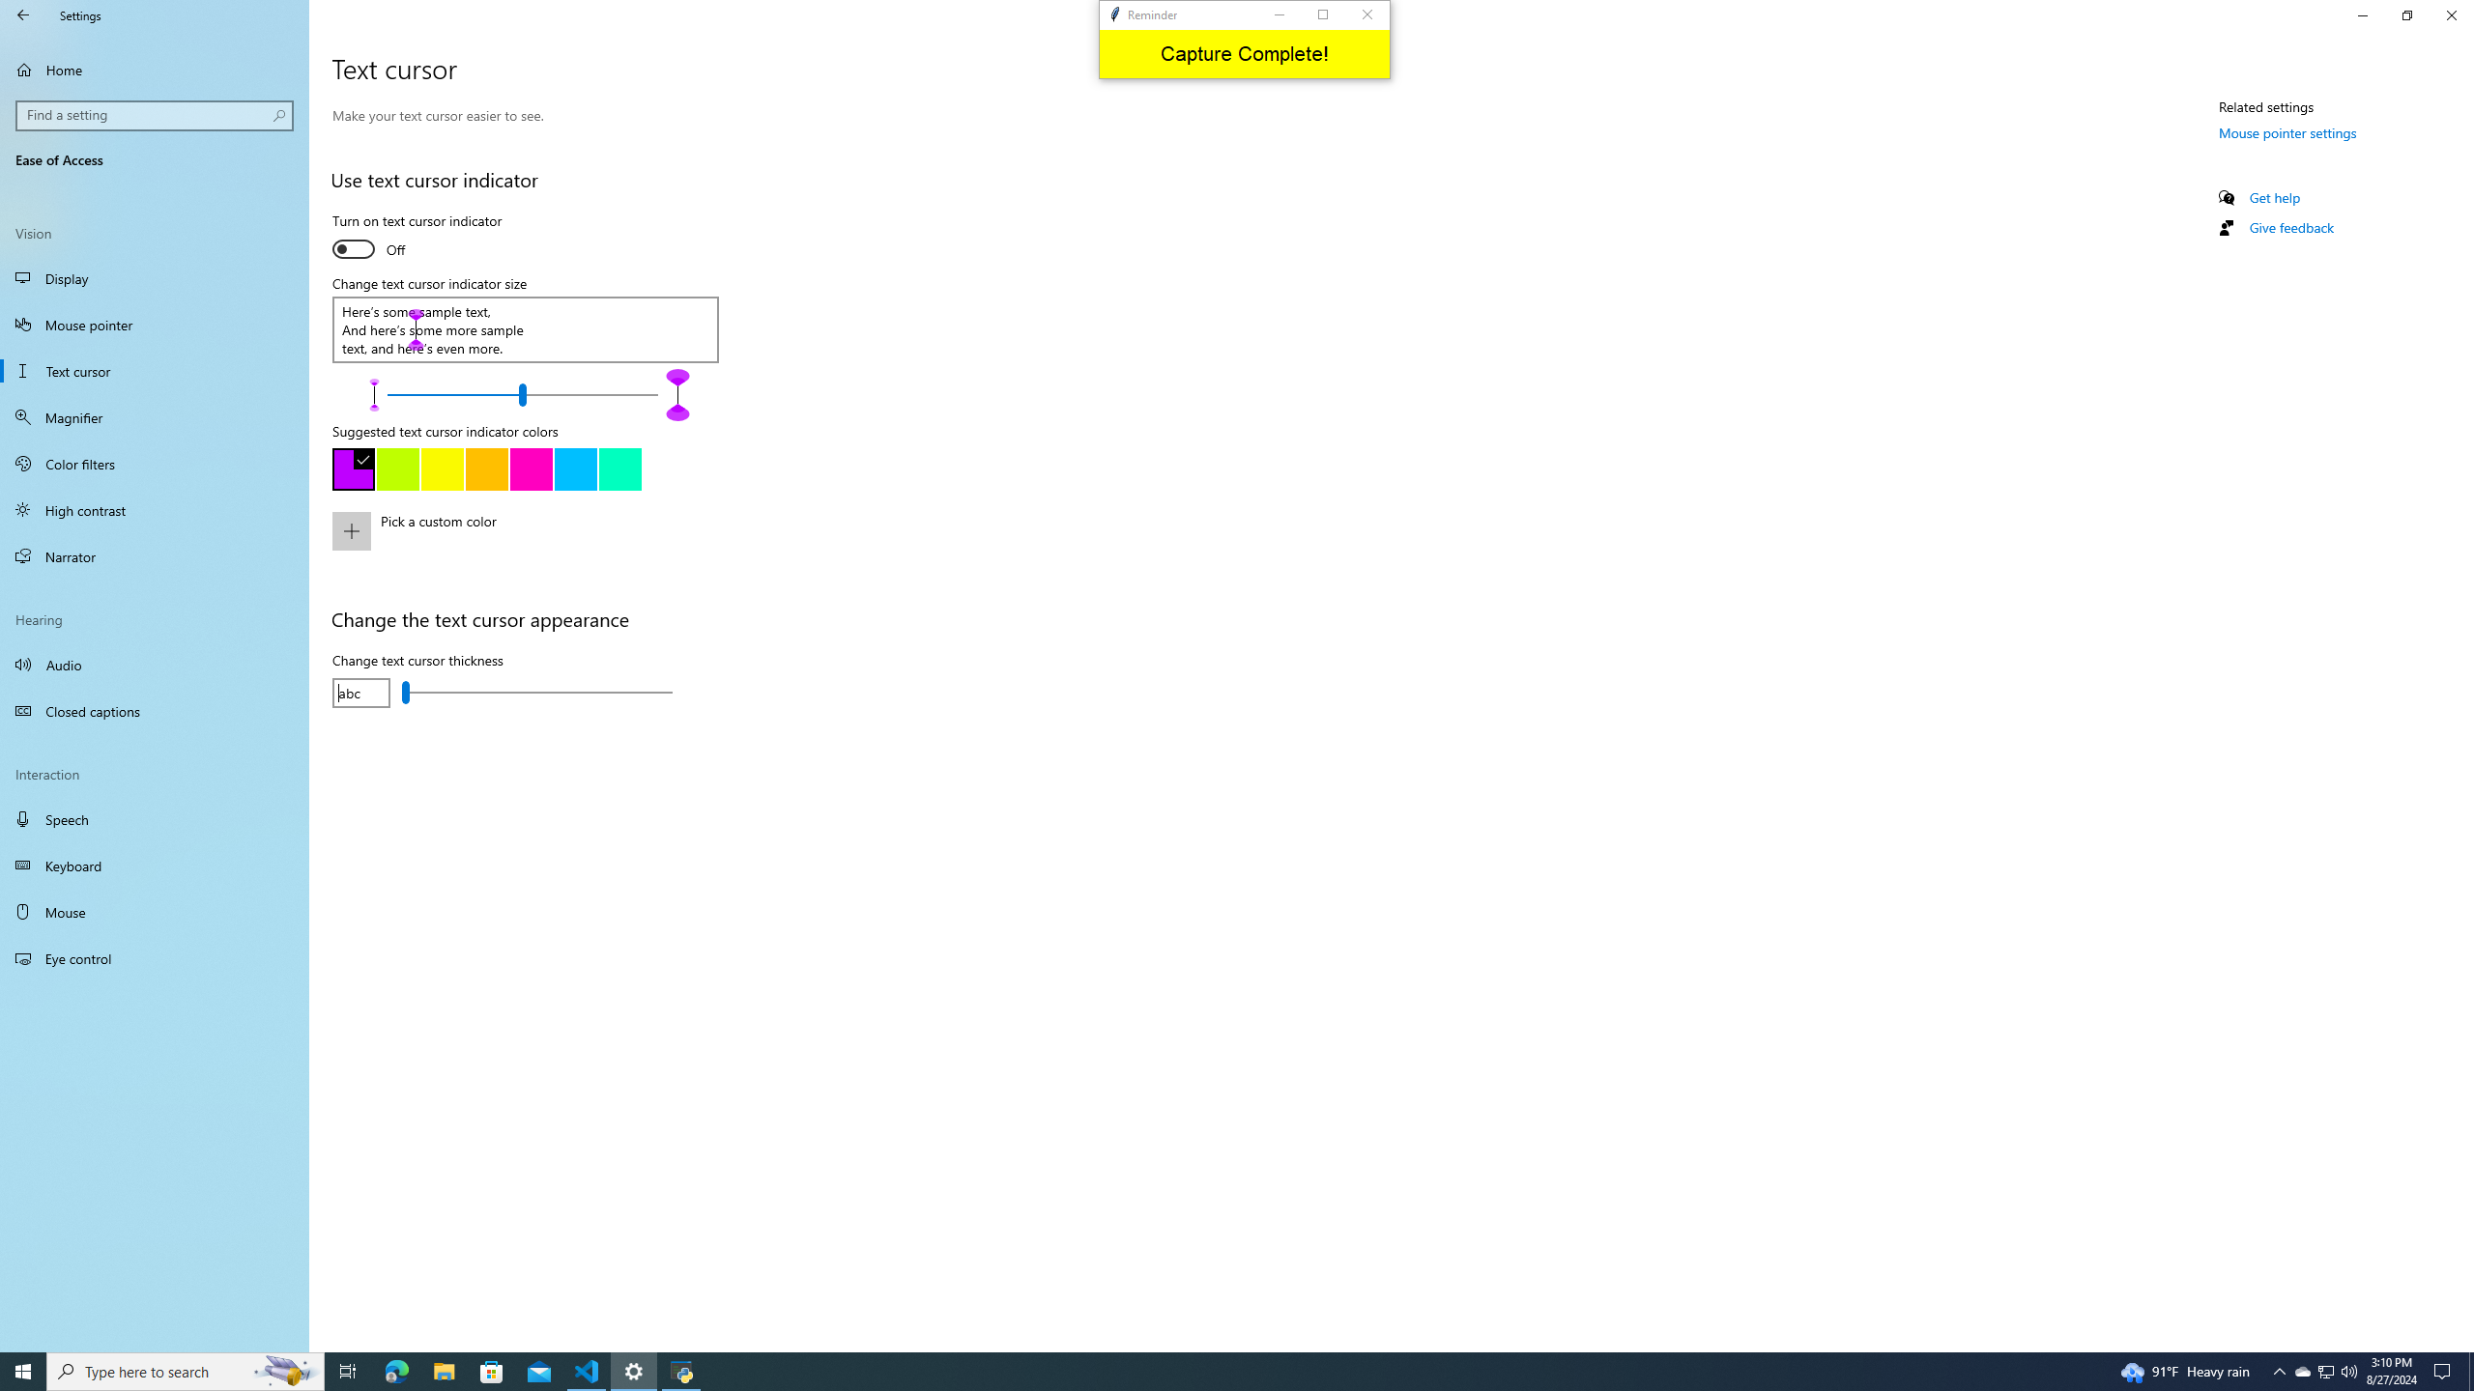 Image resolution: width=2474 pixels, height=1391 pixels. Describe the element at coordinates (485, 469) in the screenshot. I see `'Yellow'` at that location.